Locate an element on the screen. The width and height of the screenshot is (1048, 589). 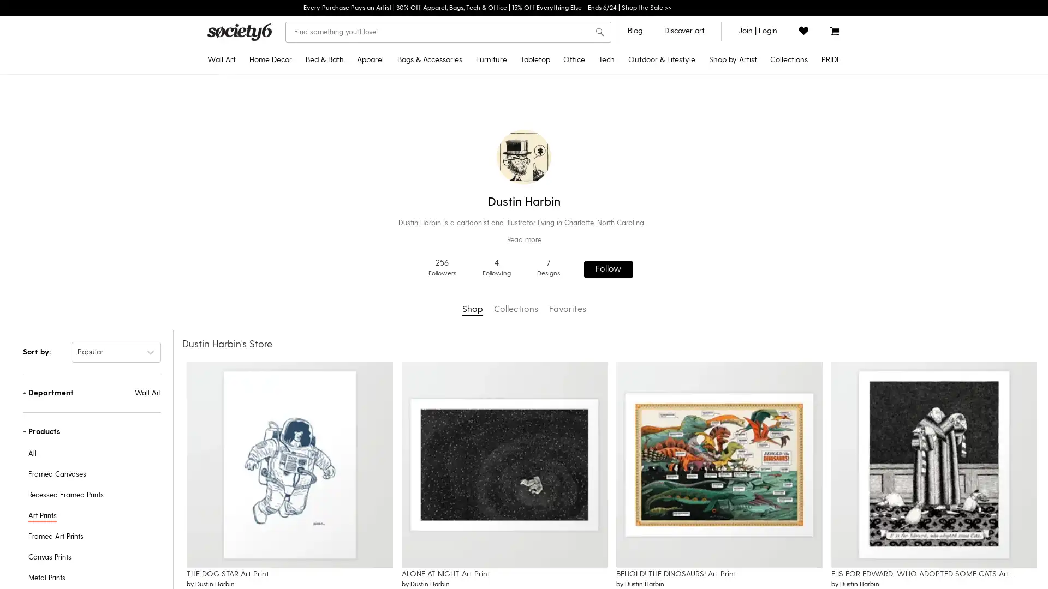
Backpacks is located at coordinates (437, 122).